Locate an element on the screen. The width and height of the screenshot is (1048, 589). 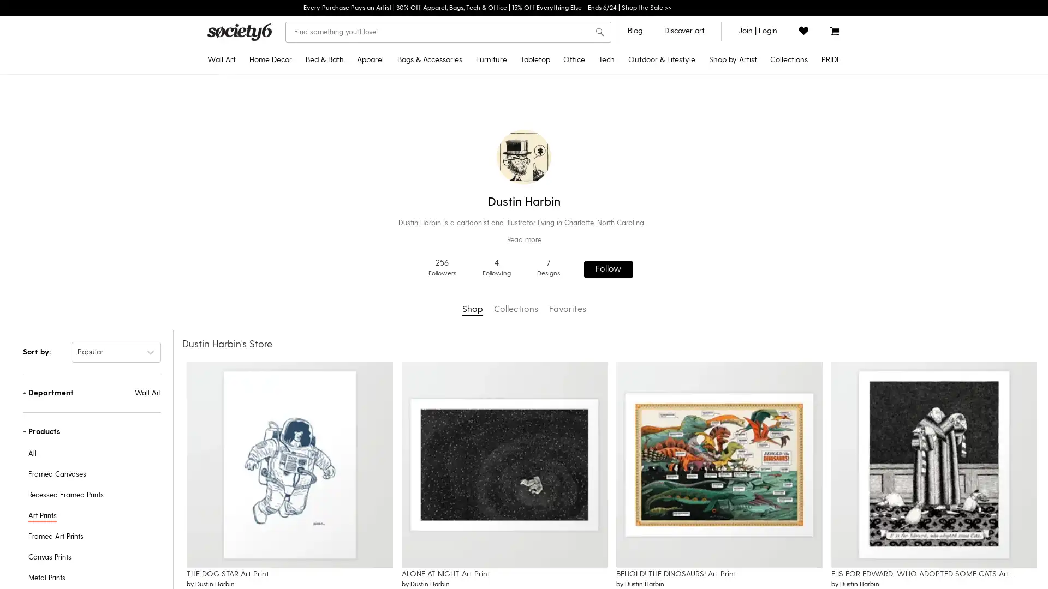
Backpacks is located at coordinates (437, 122).